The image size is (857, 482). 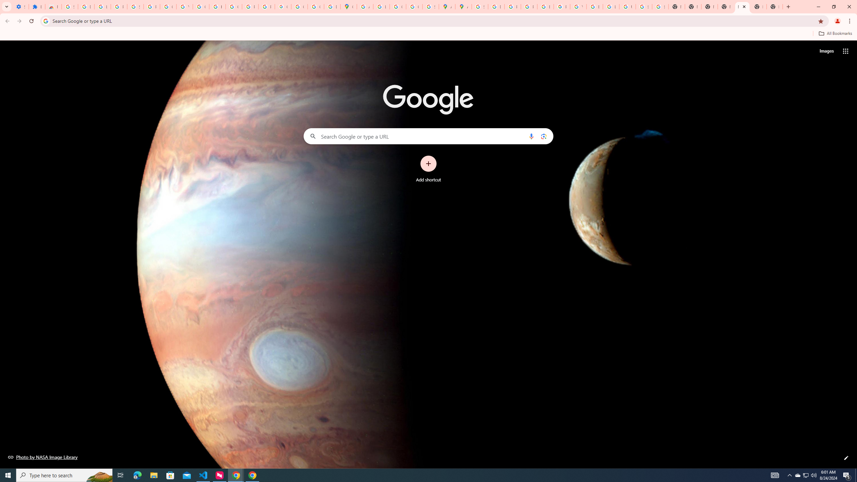 What do you see at coordinates (348, 6) in the screenshot?
I see `'Google Maps'` at bounding box center [348, 6].